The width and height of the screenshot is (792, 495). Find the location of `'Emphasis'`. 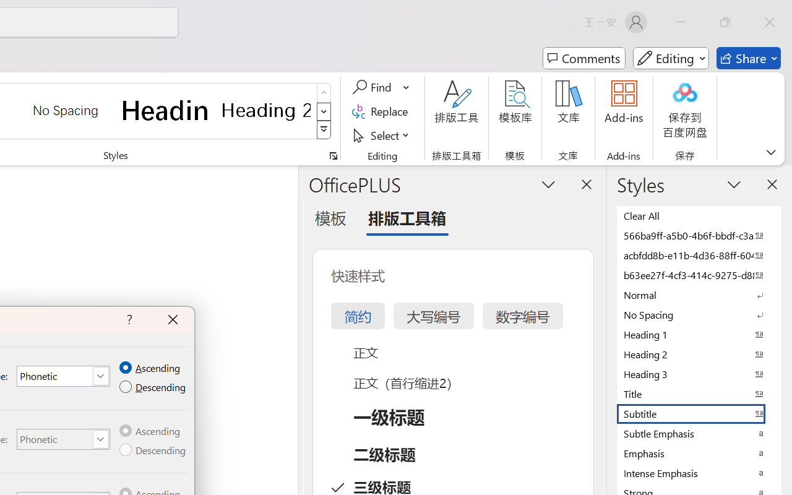

'Emphasis' is located at coordinates (699, 452).